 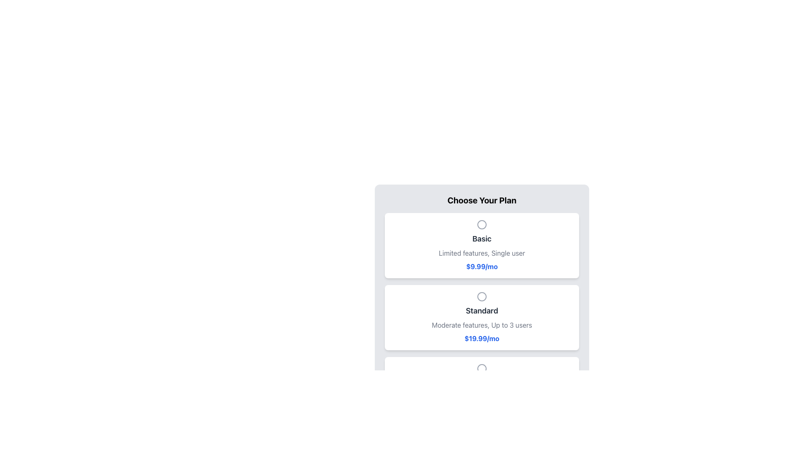 I want to click on the 'Standard' text label, which is styled in bold and larger font, located in the second subscription card below a radio button, so click(x=482, y=311).